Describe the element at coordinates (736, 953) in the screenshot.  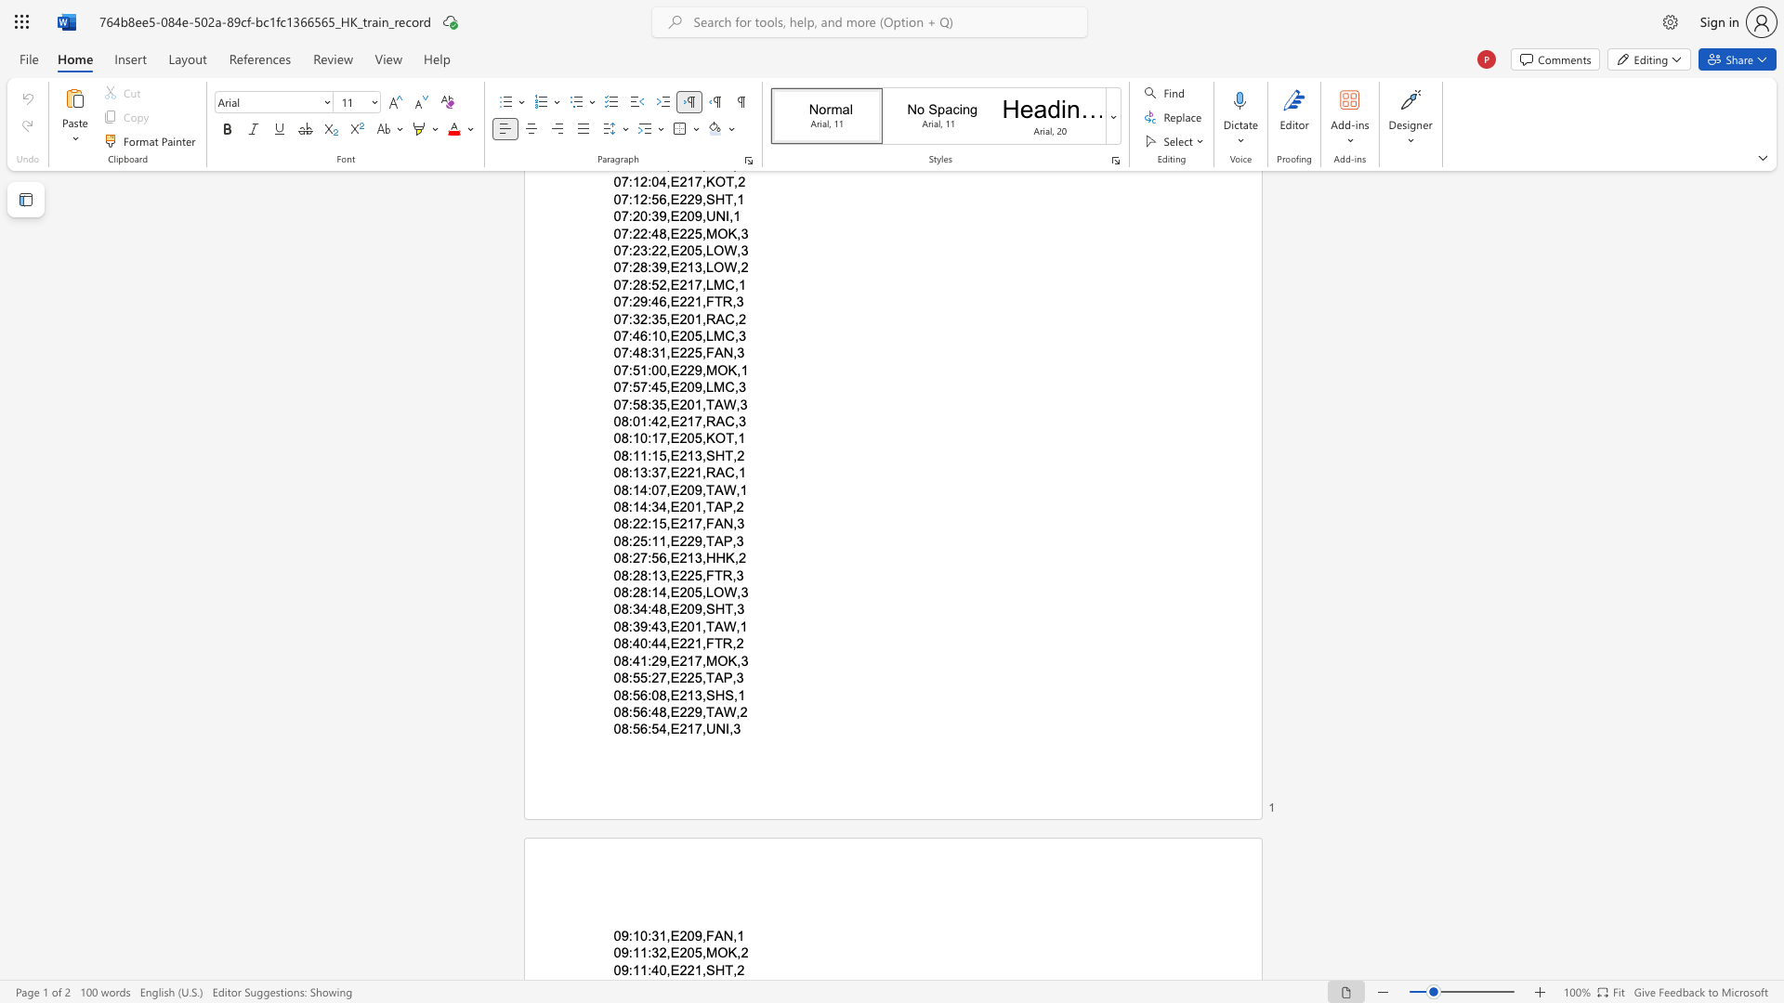
I see `the subset text ",2" within the text "09:11:32,E205,MOK,2"` at that location.